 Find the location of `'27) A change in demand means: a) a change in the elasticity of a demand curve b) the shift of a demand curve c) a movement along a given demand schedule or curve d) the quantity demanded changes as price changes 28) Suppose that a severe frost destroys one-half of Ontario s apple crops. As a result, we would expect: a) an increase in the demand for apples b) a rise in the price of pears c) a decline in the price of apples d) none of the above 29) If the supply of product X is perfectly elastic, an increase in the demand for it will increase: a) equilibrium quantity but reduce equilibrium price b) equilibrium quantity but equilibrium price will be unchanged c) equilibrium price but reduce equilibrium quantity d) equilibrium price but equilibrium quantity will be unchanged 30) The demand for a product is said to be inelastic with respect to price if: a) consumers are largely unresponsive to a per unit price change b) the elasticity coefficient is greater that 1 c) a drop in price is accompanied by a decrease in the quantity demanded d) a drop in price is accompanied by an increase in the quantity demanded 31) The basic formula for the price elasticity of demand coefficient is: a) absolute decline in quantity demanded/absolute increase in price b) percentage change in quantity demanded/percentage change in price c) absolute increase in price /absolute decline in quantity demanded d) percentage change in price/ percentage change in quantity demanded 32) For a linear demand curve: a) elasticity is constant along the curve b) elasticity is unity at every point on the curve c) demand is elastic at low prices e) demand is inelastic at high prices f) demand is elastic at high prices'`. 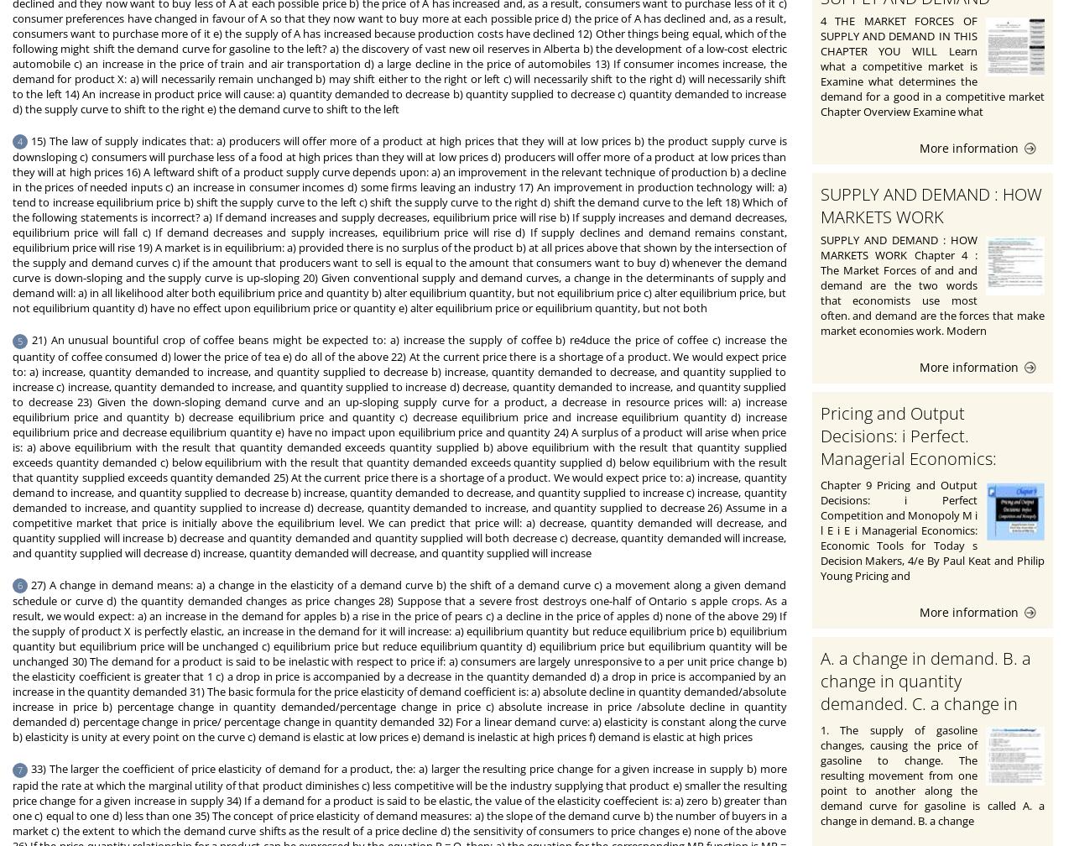

'27) A change in demand means: a) a change in the elasticity of a demand curve b) the shift of a demand curve c) a movement along a given demand schedule or curve d) the quantity demanded changes as price changes 28) Suppose that a severe frost destroys one-half of Ontario s apple crops. As a result, we would expect: a) an increase in the demand for apples b) a rise in the price of pears c) a decline in the price of apples d) none of the above 29) If the supply of product X is perfectly elastic, an increase in the demand for it will increase: a) equilibrium quantity but reduce equilibrium price b) equilibrium quantity but equilibrium price will be unchanged c) equilibrium price but reduce equilibrium quantity d) equilibrium price but equilibrium quantity will be unchanged 30) The demand for a product is said to be inelastic with respect to price if: a) consumers are largely unresponsive to a per unit price change b) the elasticity coefficient is greater that 1 c) a drop in price is accompanied by a decrease in the quantity demanded d) a drop in price is accompanied by an increase in the quantity demanded 31) The basic formula for the price elasticity of demand coefficient is: a) absolute decline in quantity demanded/absolute increase in price b) percentage change in quantity demanded/percentage change in price c) absolute increase in price /absolute decline in quantity demanded d) percentage change in price/ percentage change in quantity demanded 32) For a linear demand curve: a) elasticity is constant along the curve b) elasticity is unity at every point on the curve c) demand is elastic at low prices e) demand is inelastic at high prices f) demand is elastic at high prices' is located at coordinates (399, 661).